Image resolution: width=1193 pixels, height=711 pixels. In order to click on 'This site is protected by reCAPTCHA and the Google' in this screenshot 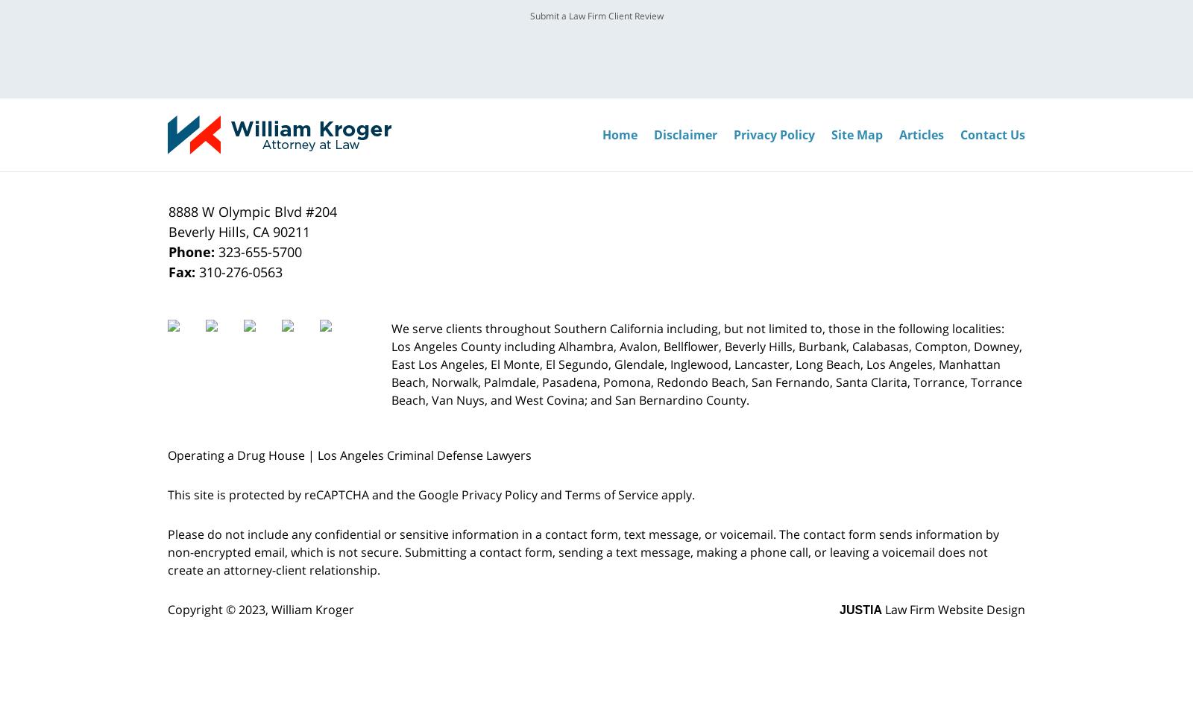, I will do `click(314, 493)`.